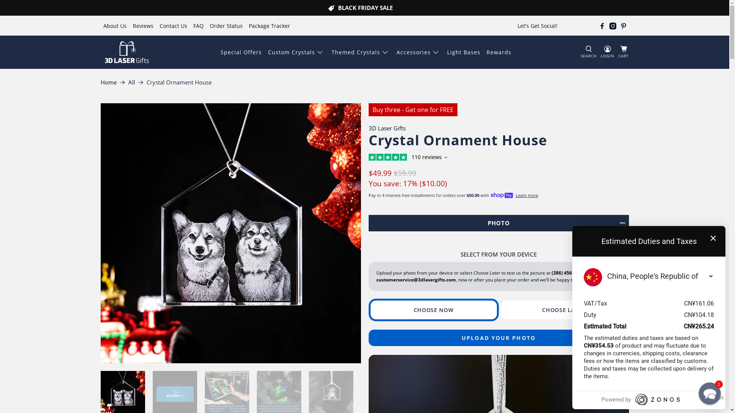 This screenshot has height=413, width=735. Describe the element at coordinates (623, 26) in the screenshot. I see `'3D Laser Gifts on Pinterest'` at that location.